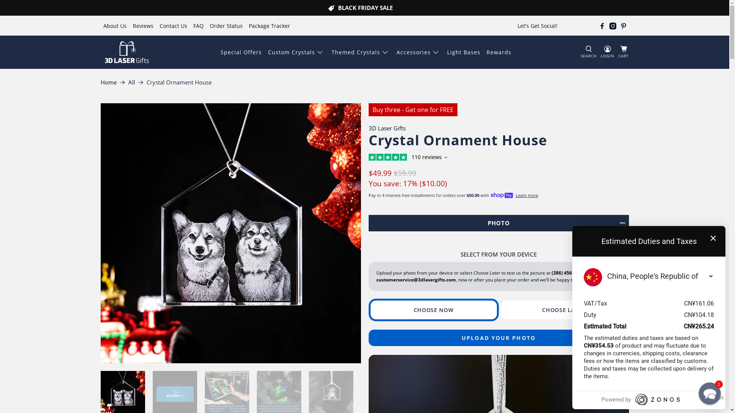 This screenshot has height=413, width=735. Describe the element at coordinates (623, 26) in the screenshot. I see `'3D Laser Gifts on Pinterest'` at that location.